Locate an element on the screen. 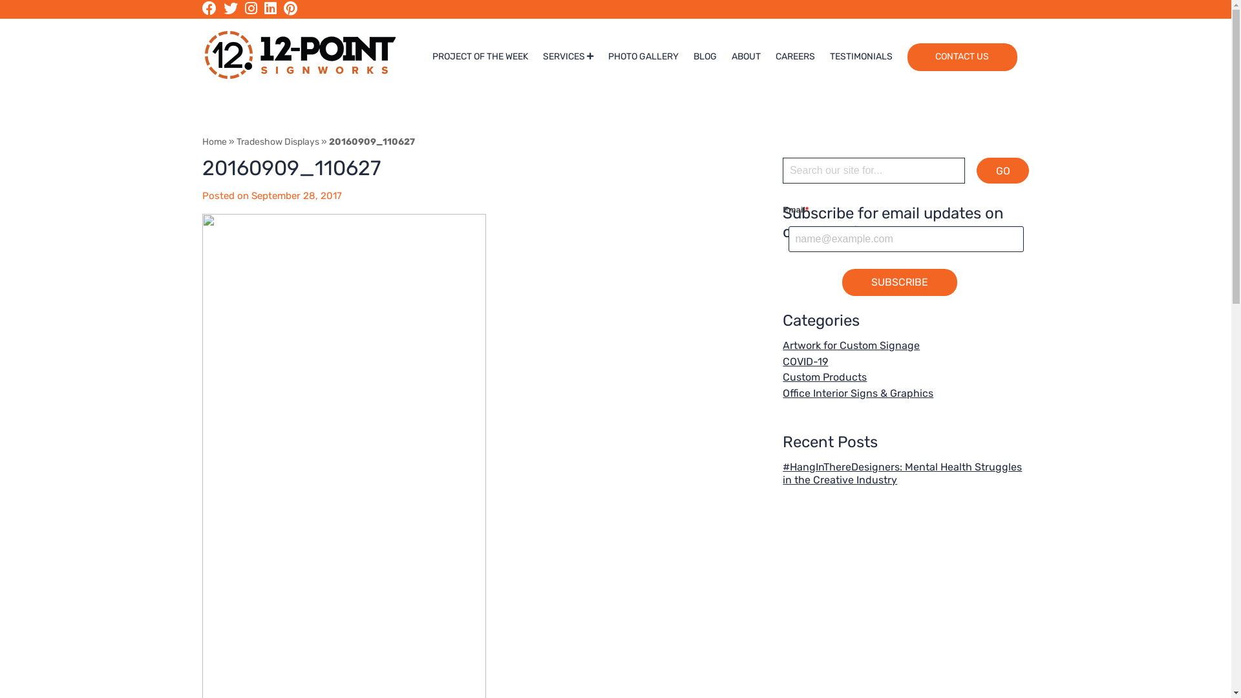 The image size is (1241, 698). 'CAREERS' is located at coordinates (794, 56).